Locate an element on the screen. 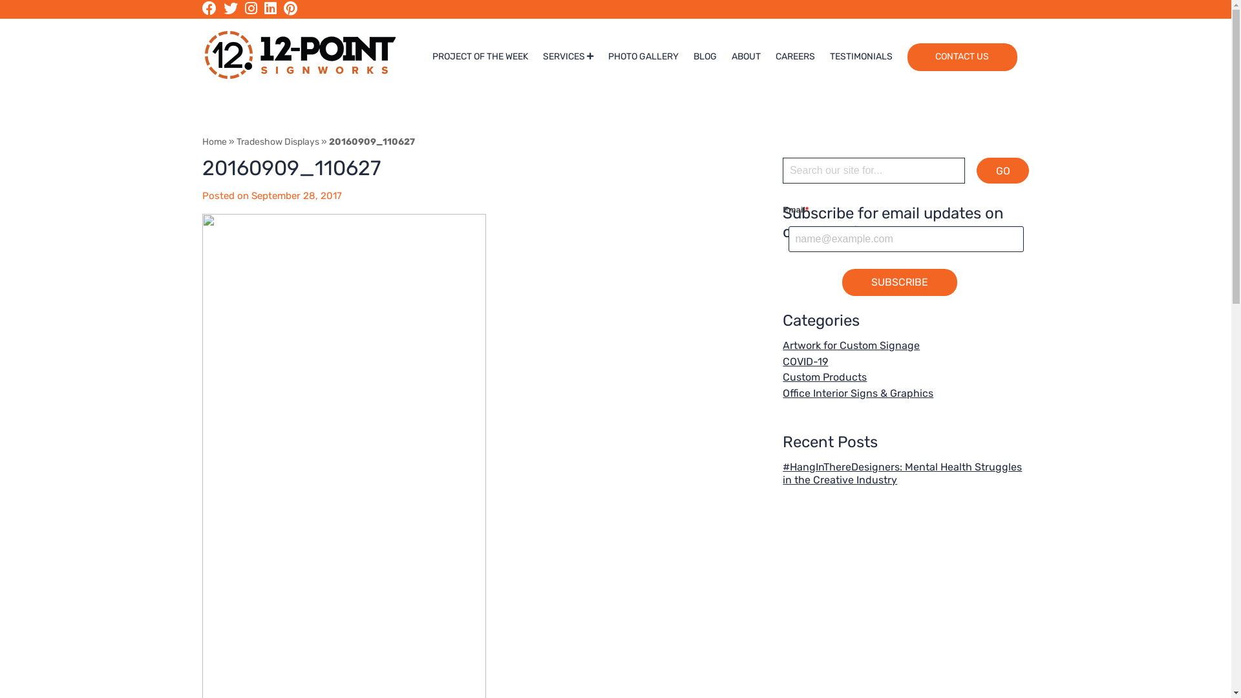 The image size is (1241, 698). 'CAREERS' is located at coordinates (794, 56).